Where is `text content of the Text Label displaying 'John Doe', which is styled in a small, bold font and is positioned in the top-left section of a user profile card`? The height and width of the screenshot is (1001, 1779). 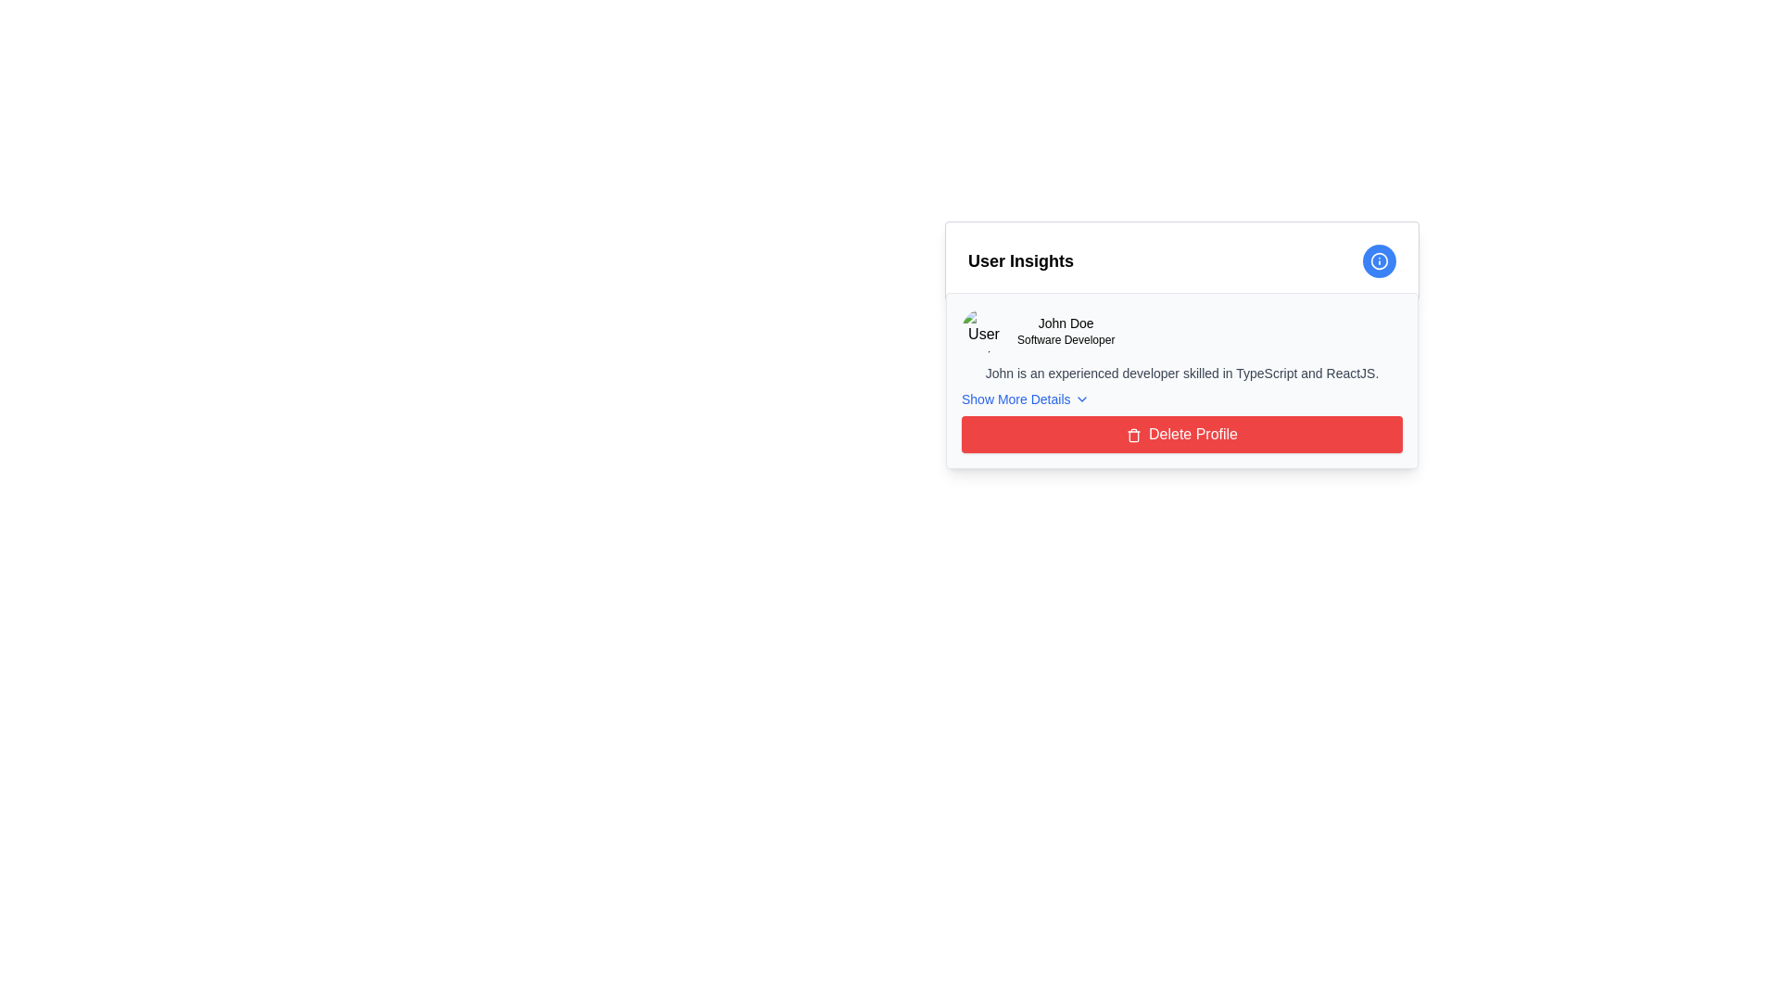 text content of the Text Label displaying 'John Doe', which is styled in a small, bold font and is positioned in the top-left section of a user profile card is located at coordinates (1066, 322).